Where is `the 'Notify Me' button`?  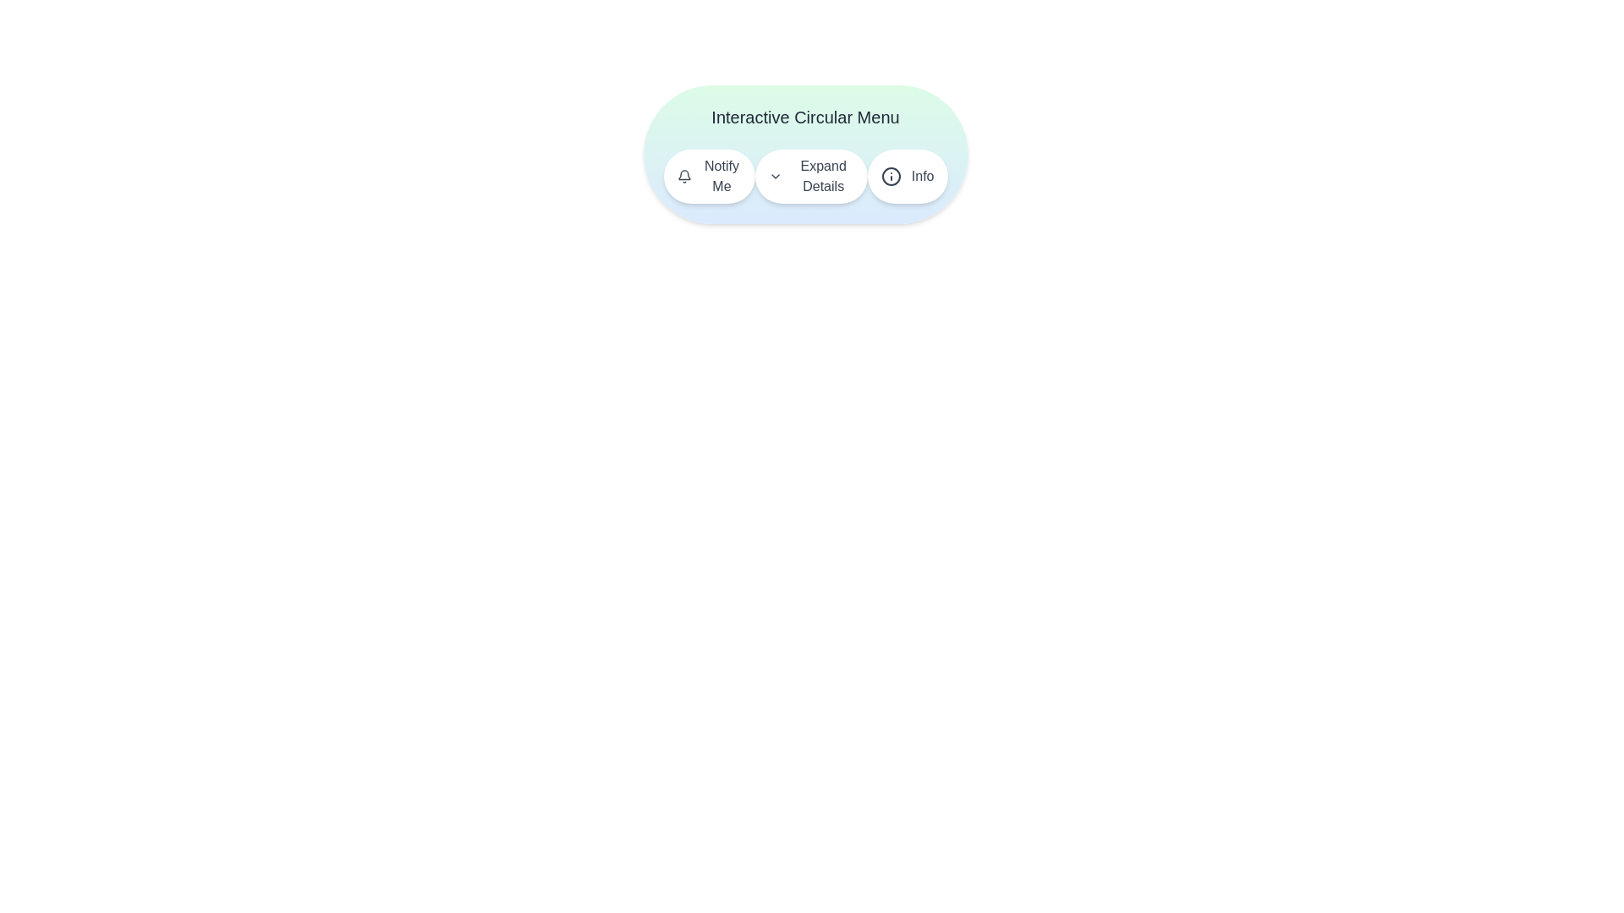
the 'Notify Me' button is located at coordinates (710, 176).